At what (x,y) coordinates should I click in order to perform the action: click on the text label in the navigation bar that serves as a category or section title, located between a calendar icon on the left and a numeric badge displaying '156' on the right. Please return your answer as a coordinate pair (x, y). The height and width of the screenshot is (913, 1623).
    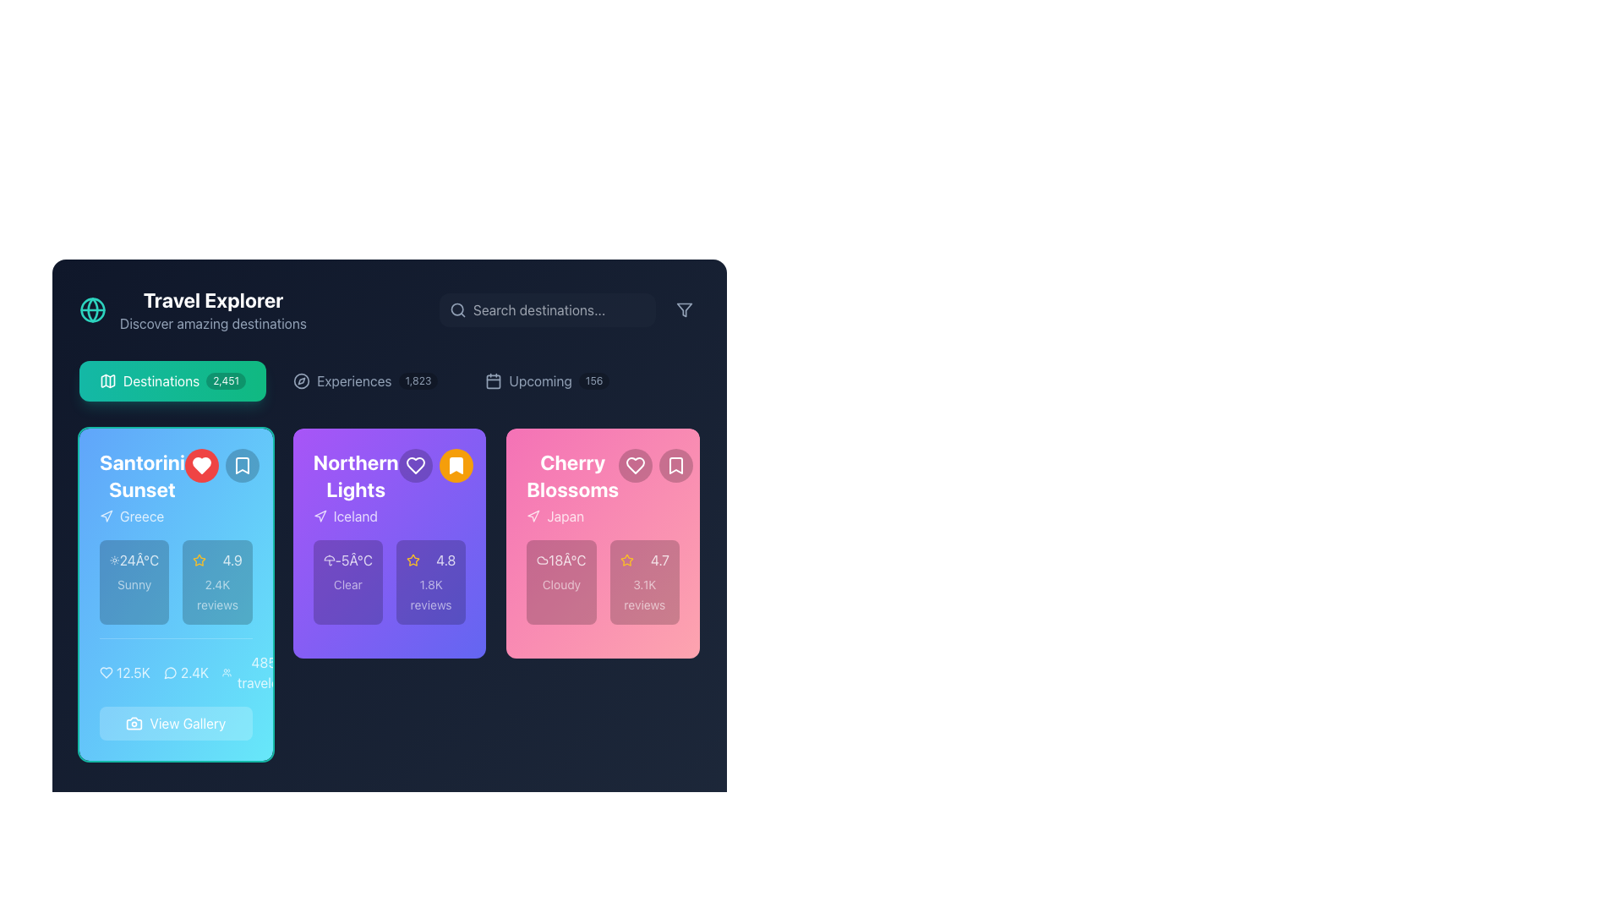
    Looking at the image, I should click on (539, 381).